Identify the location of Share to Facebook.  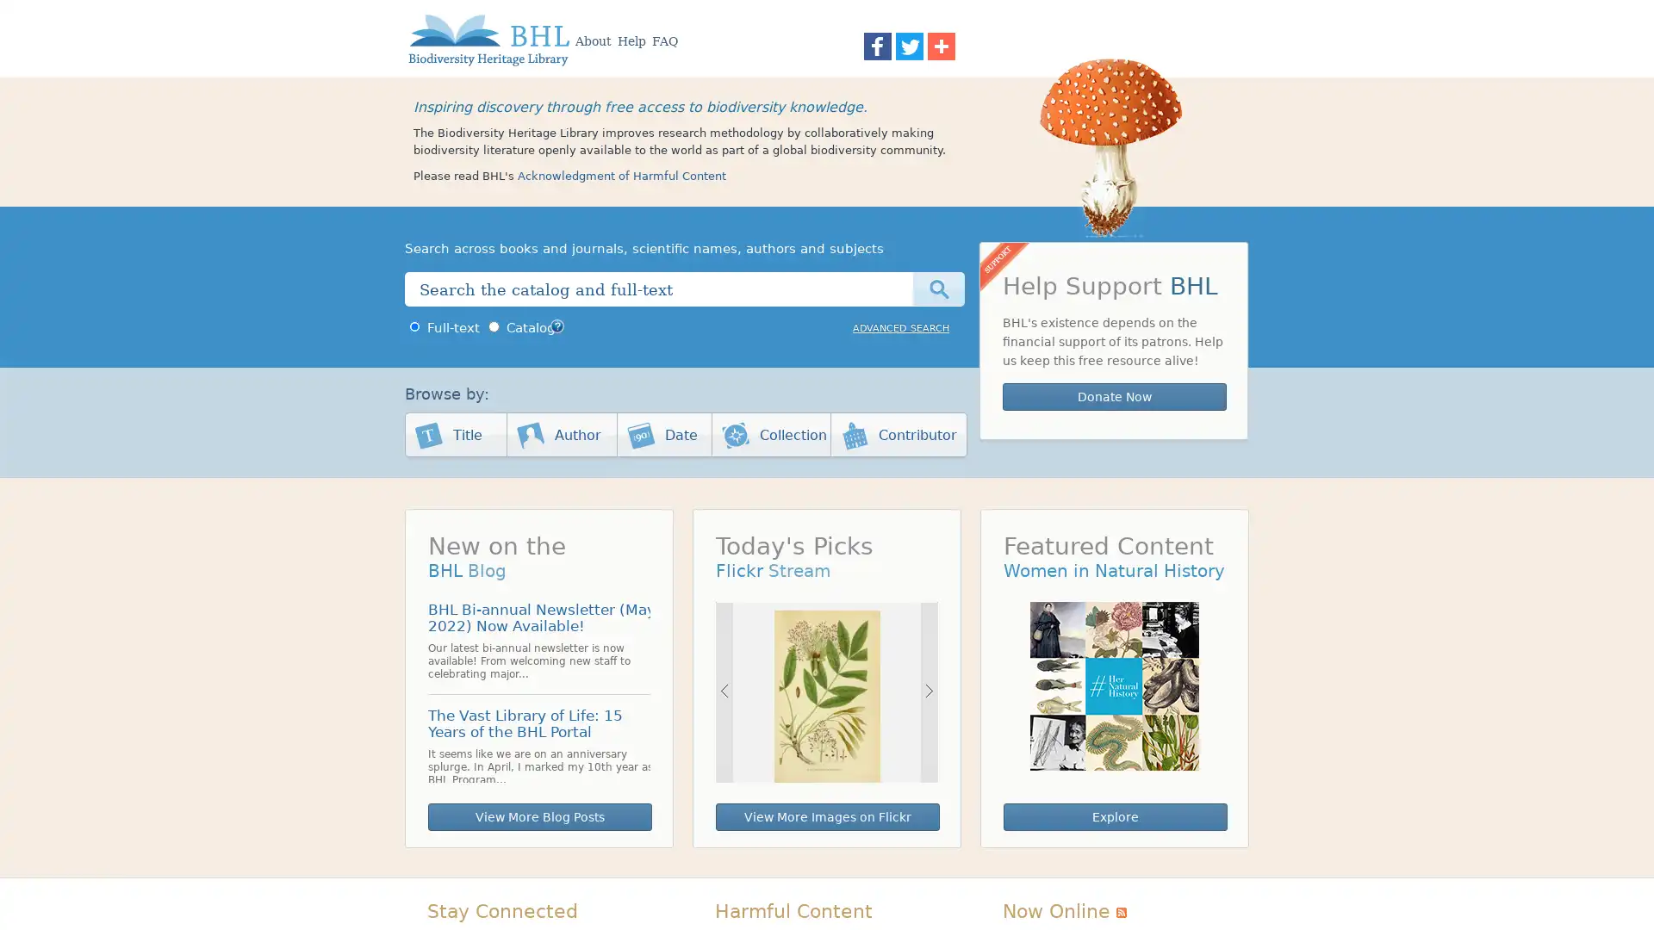
(877, 46).